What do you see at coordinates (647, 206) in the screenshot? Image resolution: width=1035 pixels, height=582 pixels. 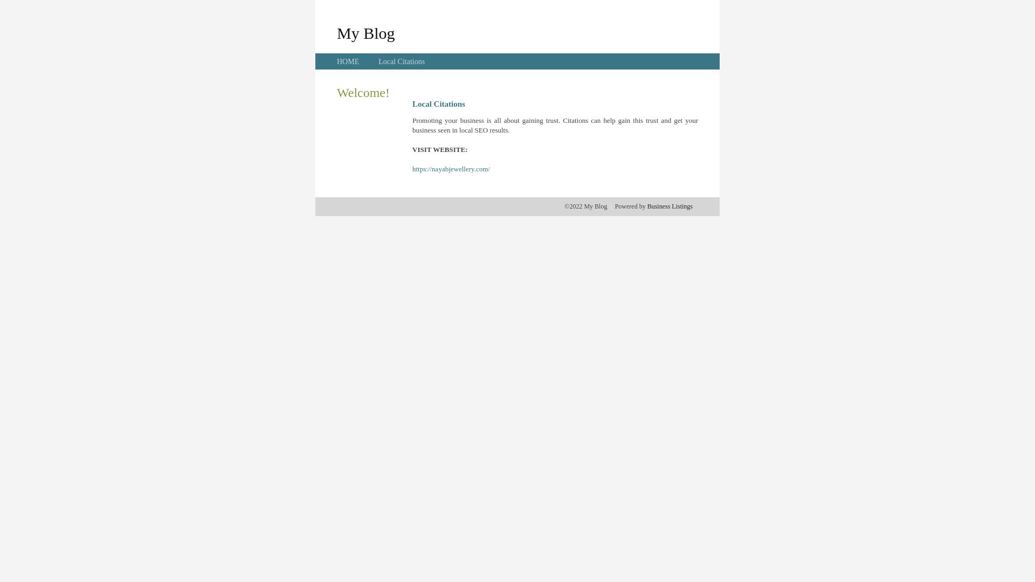 I see `'Business Listings'` at bounding box center [647, 206].